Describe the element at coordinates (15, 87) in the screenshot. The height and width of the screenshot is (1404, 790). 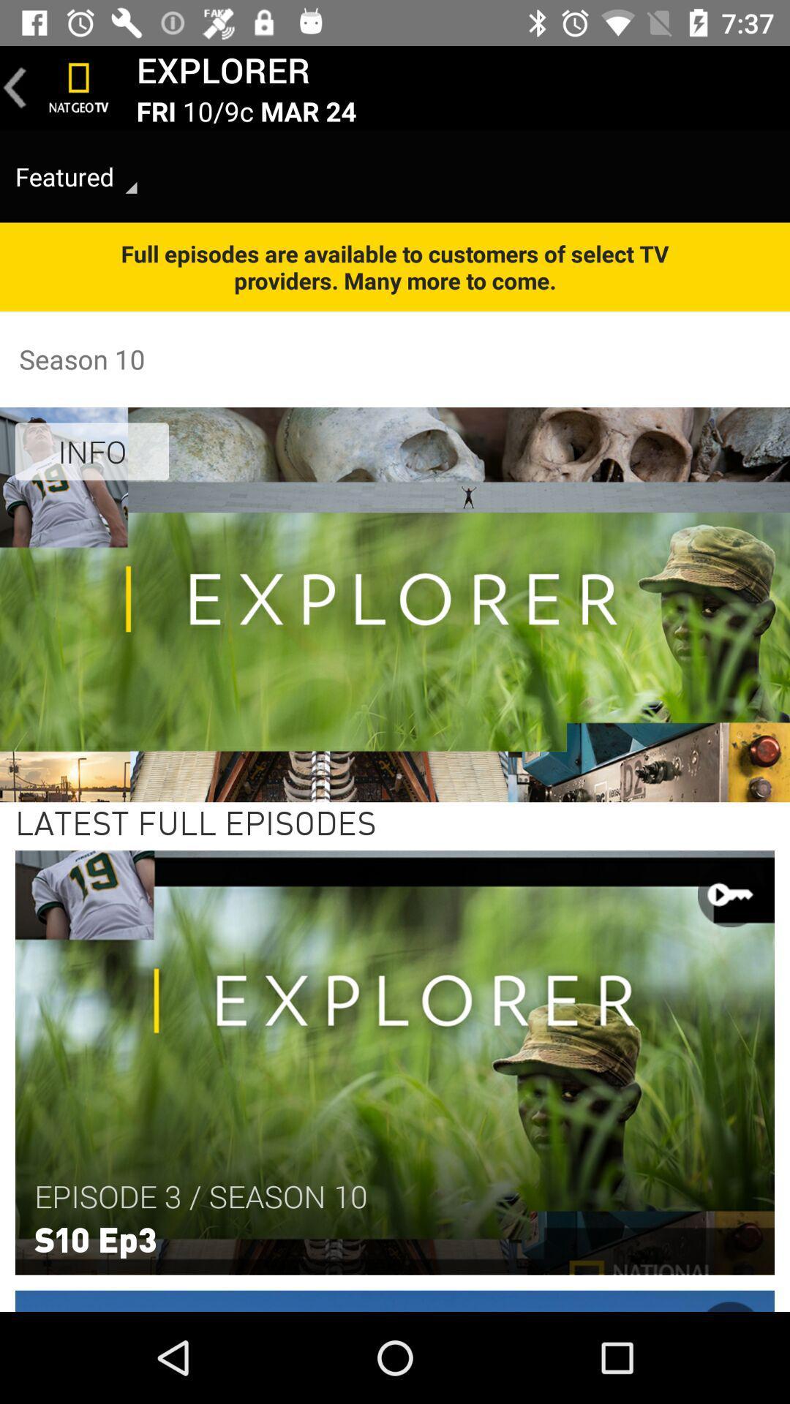
I see `page back` at that location.